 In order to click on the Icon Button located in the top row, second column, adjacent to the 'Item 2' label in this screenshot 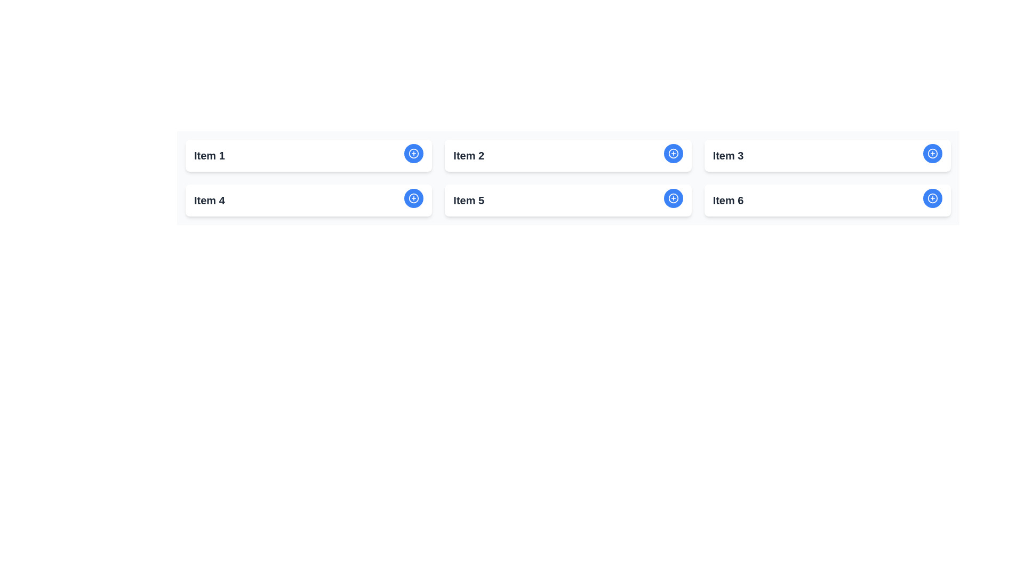, I will do `click(413, 154)`.